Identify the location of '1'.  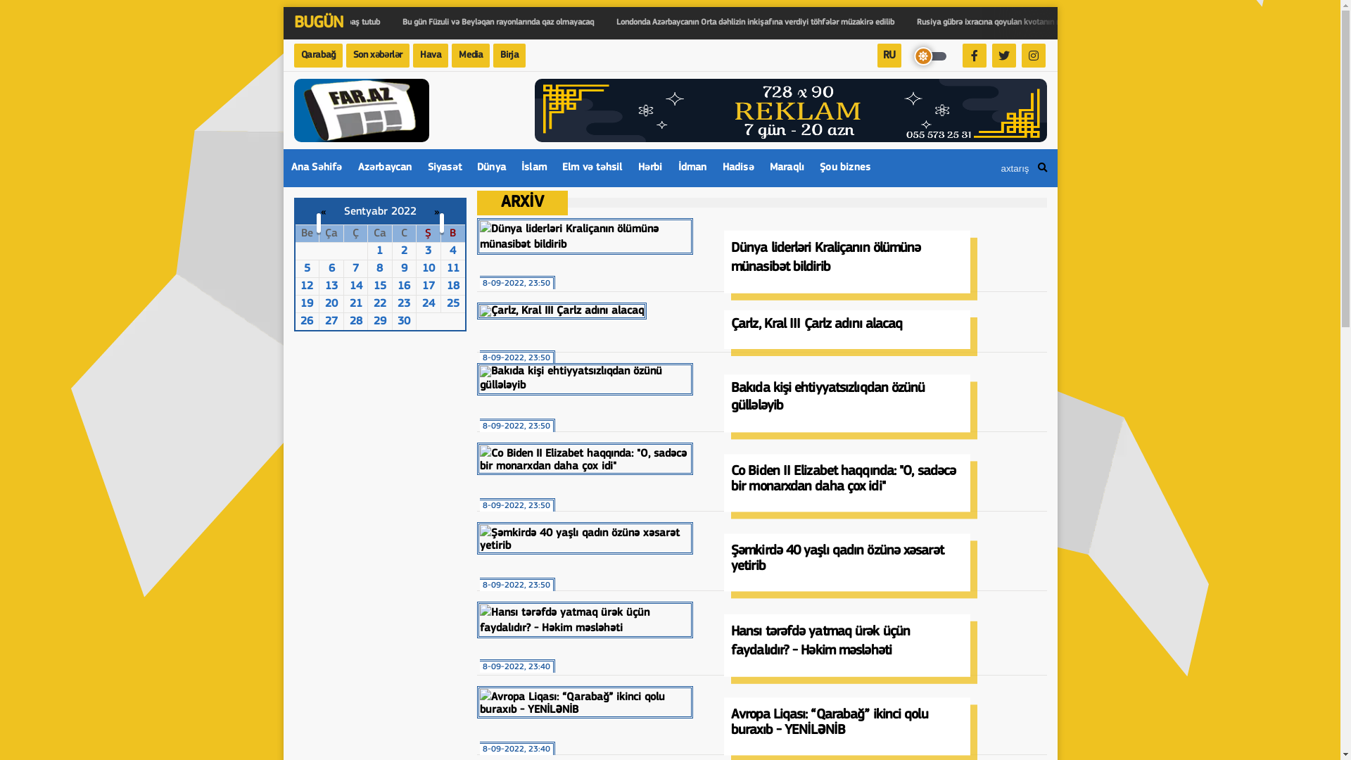
(379, 251).